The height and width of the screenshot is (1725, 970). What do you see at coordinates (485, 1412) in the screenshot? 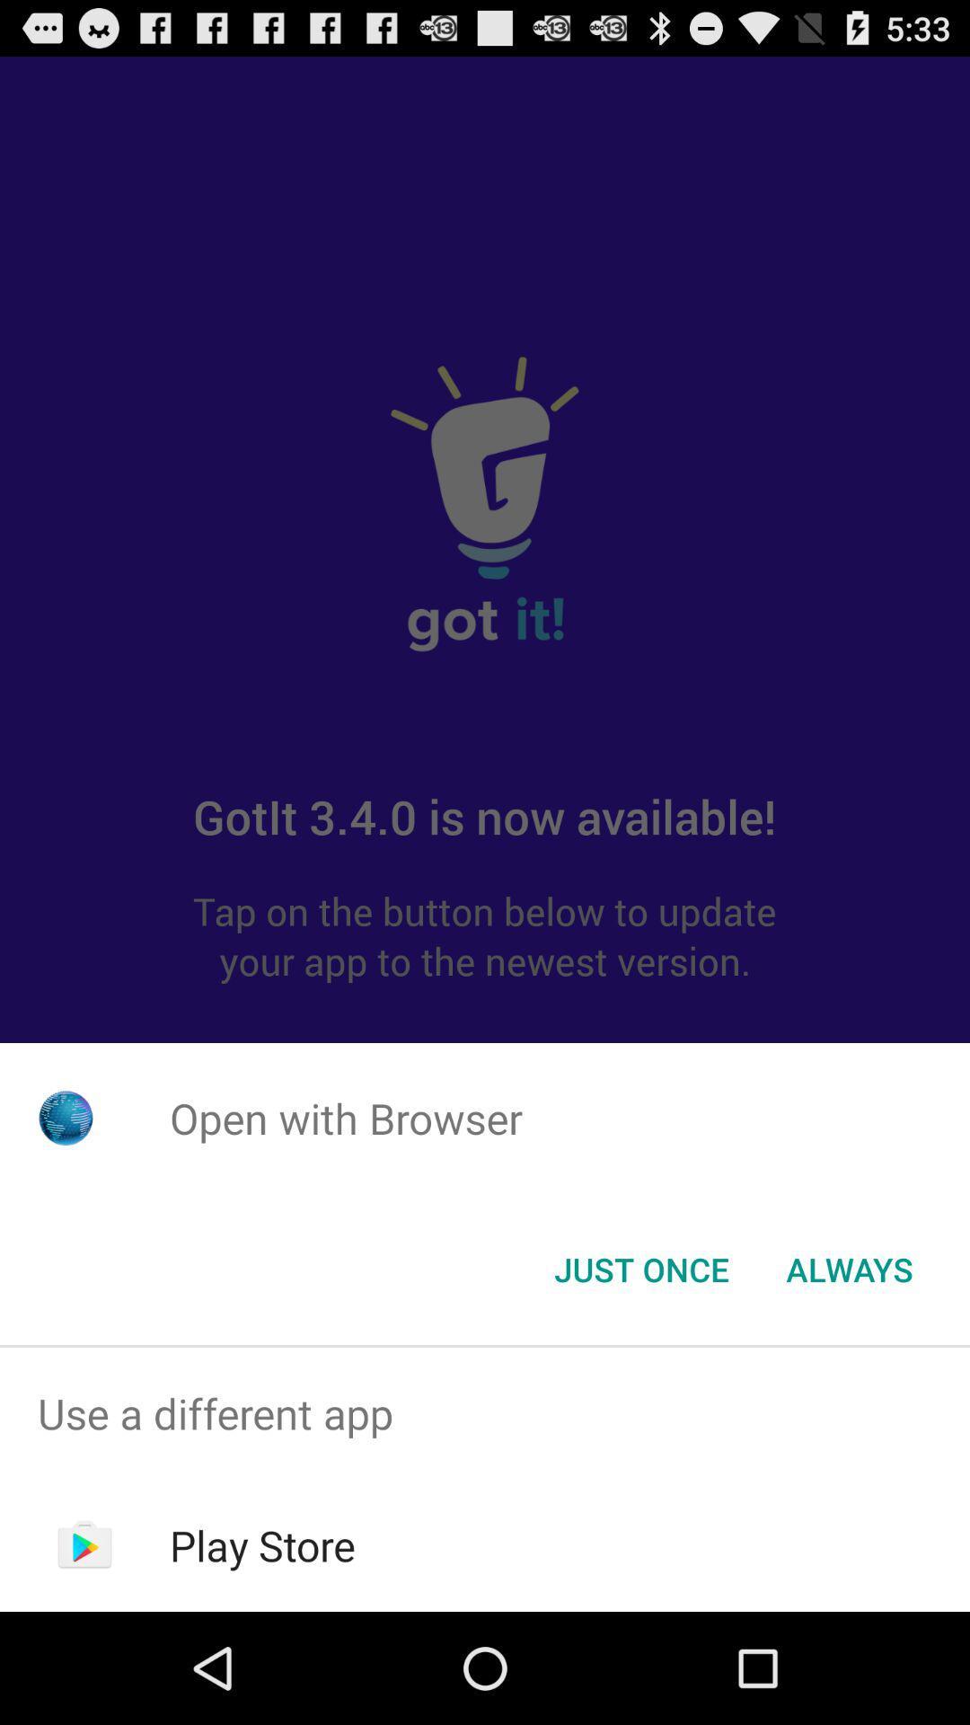
I see `the icon above the play store icon` at bounding box center [485, 1412].